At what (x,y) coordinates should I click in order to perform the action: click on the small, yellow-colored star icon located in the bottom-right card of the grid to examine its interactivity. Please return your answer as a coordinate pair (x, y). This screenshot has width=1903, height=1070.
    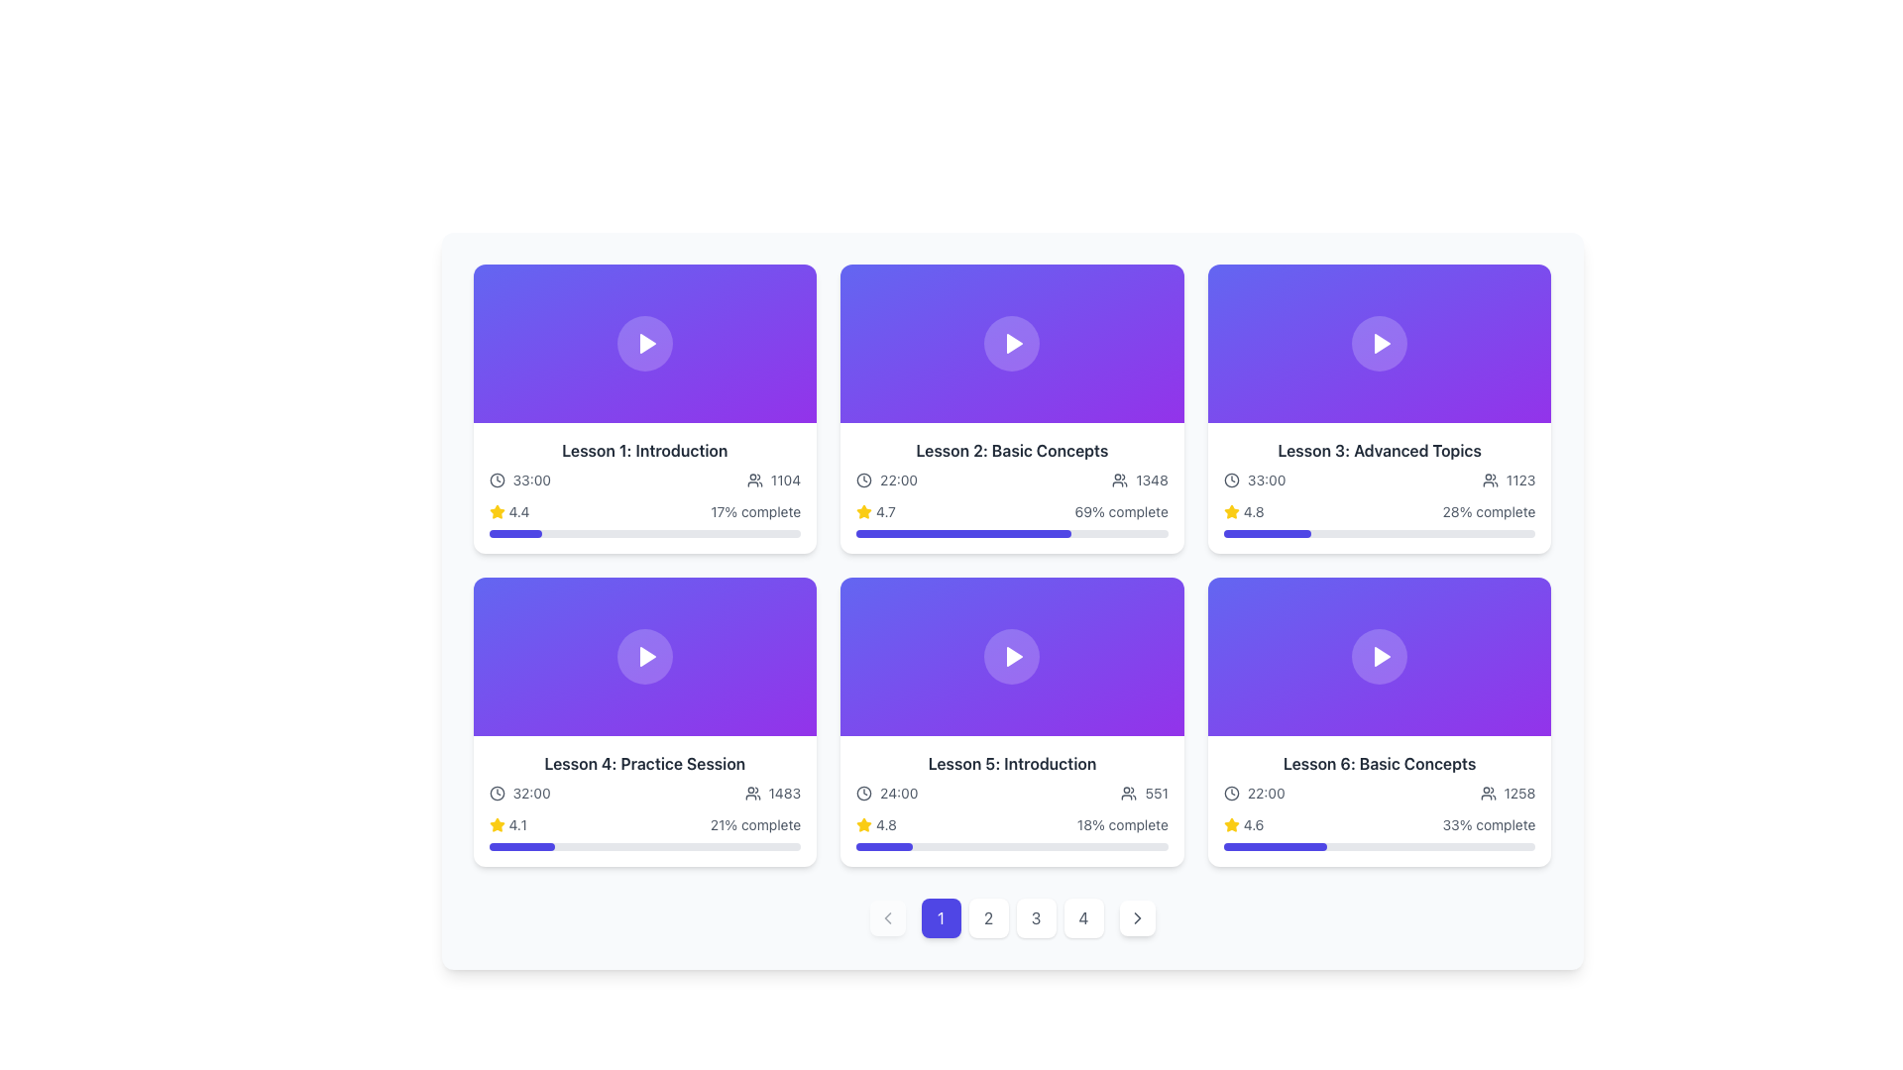
    Looking at the image, I should click on (1230, 824).